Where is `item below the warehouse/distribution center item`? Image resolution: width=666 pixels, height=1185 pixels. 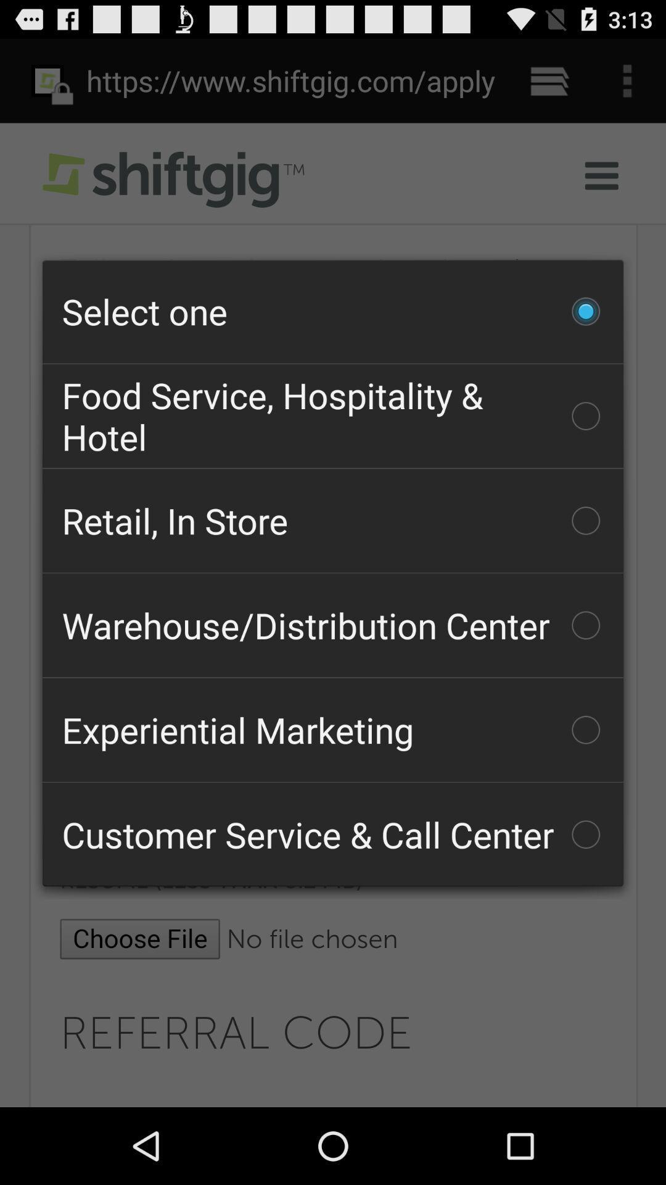 item below the warehouse/distribution center item is located at coordinates (333, 730).